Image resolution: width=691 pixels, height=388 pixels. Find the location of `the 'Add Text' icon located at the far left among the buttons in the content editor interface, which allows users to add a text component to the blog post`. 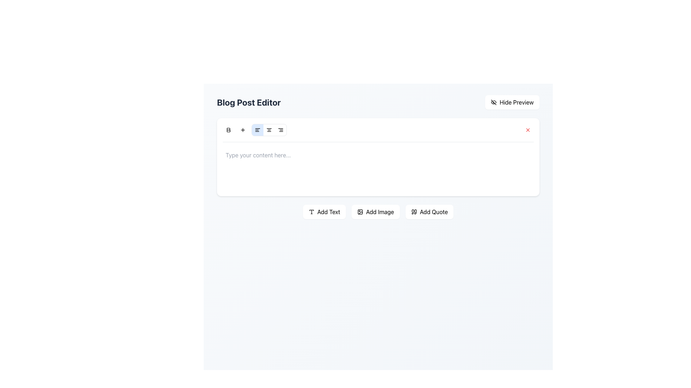

the 'Add Text' icon located at the far left among the buttons in the content editor interface, which allows users to add a text component to the blog post is located at coordinates (311, 212).